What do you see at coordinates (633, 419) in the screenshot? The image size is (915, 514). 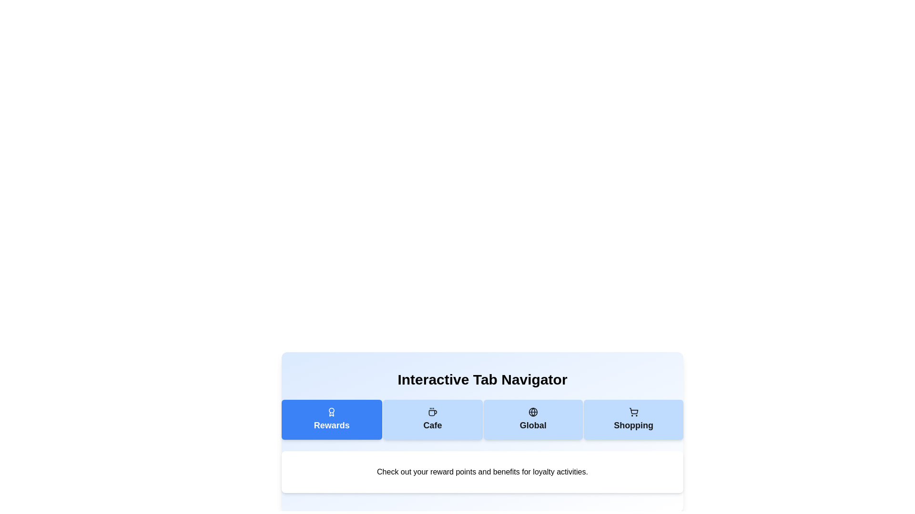 I see `the tab labeled Shopping` at bounding box center [633, 419].